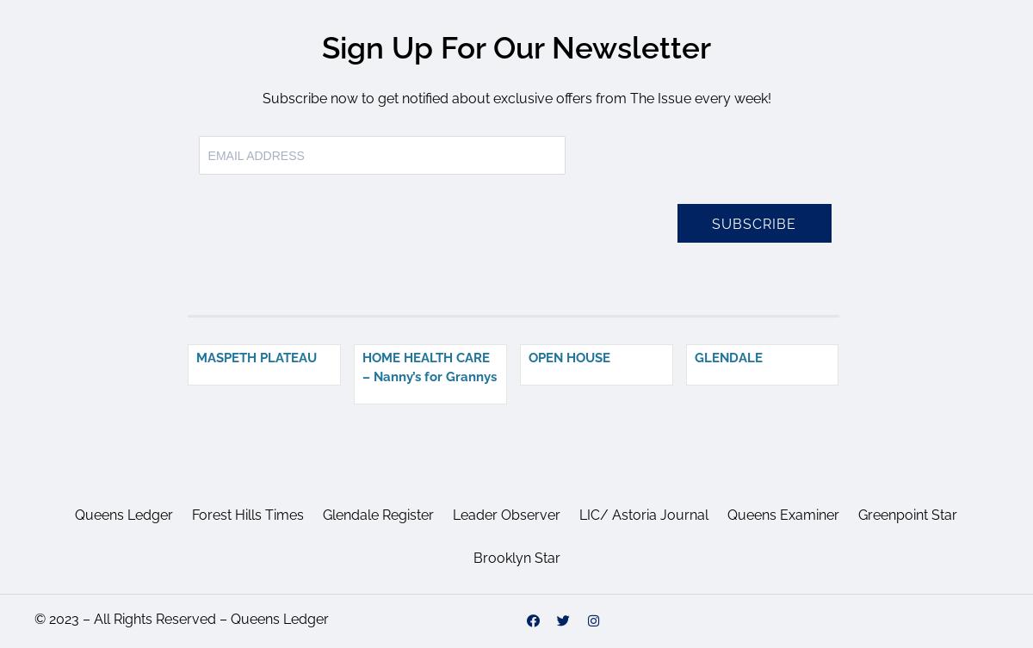  What do you see at coordinates (378, 514) in the screenshot?
I see `'Glendale Register'` at bounding box center [378, 514].